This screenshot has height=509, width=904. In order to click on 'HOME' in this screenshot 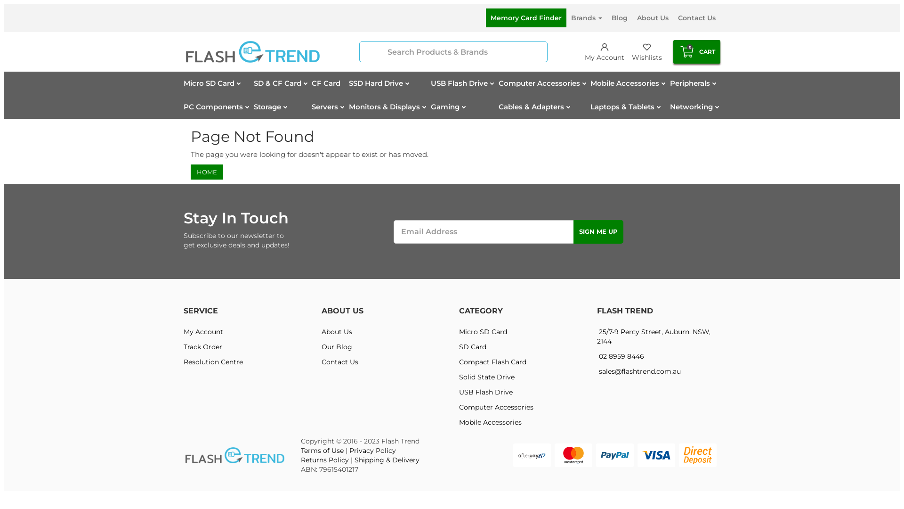, I will do `click(206, 172)`.